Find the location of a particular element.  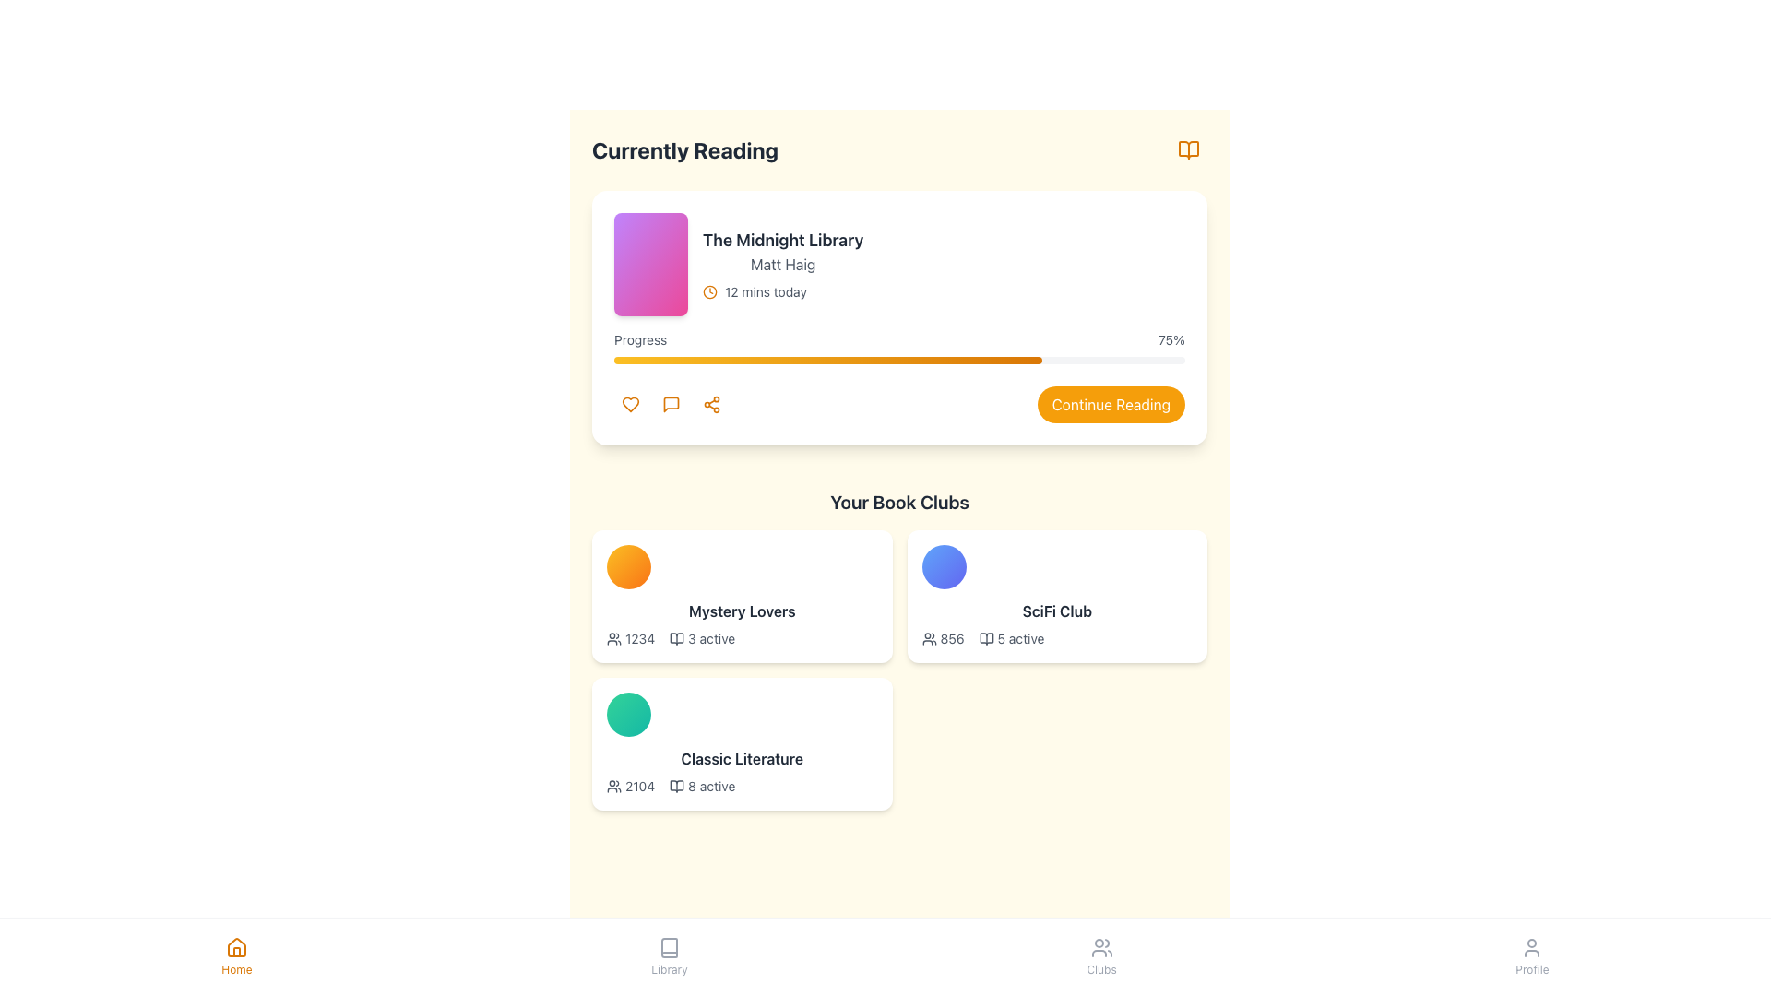

the 'Mystery Lovers' informational card, which is the leftmost card in the 'Your Book Clubs' section, located below 'Currently Reading' is located at coordinates (742, 597).